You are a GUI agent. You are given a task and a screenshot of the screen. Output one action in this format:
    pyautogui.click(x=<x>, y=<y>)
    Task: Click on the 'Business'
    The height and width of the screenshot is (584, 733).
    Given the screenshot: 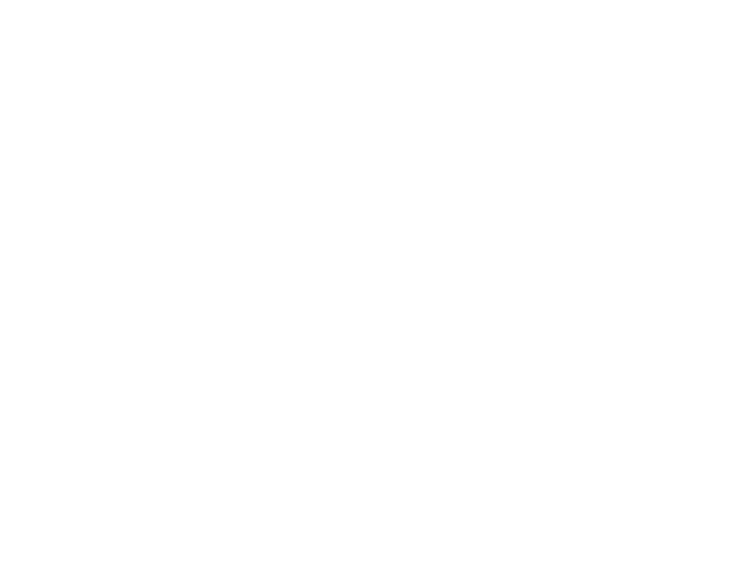 What is the action you would take?
    pyautogui.click(x=509, y=377)
    